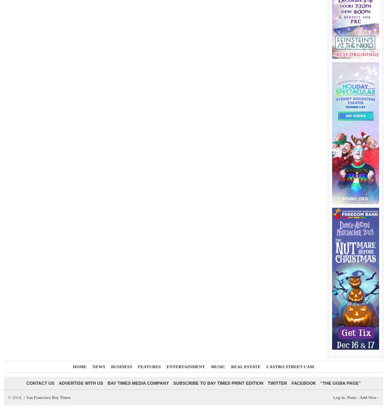 The image size is (387, 408). What do you see at coordinates (291, 382) in the screenshot?
I see `'Facebook'` at bounding box center [291, 382].